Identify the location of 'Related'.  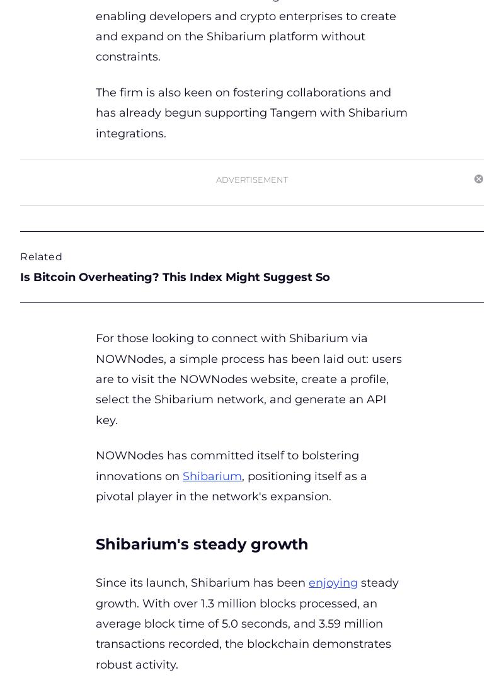
(40, 256).